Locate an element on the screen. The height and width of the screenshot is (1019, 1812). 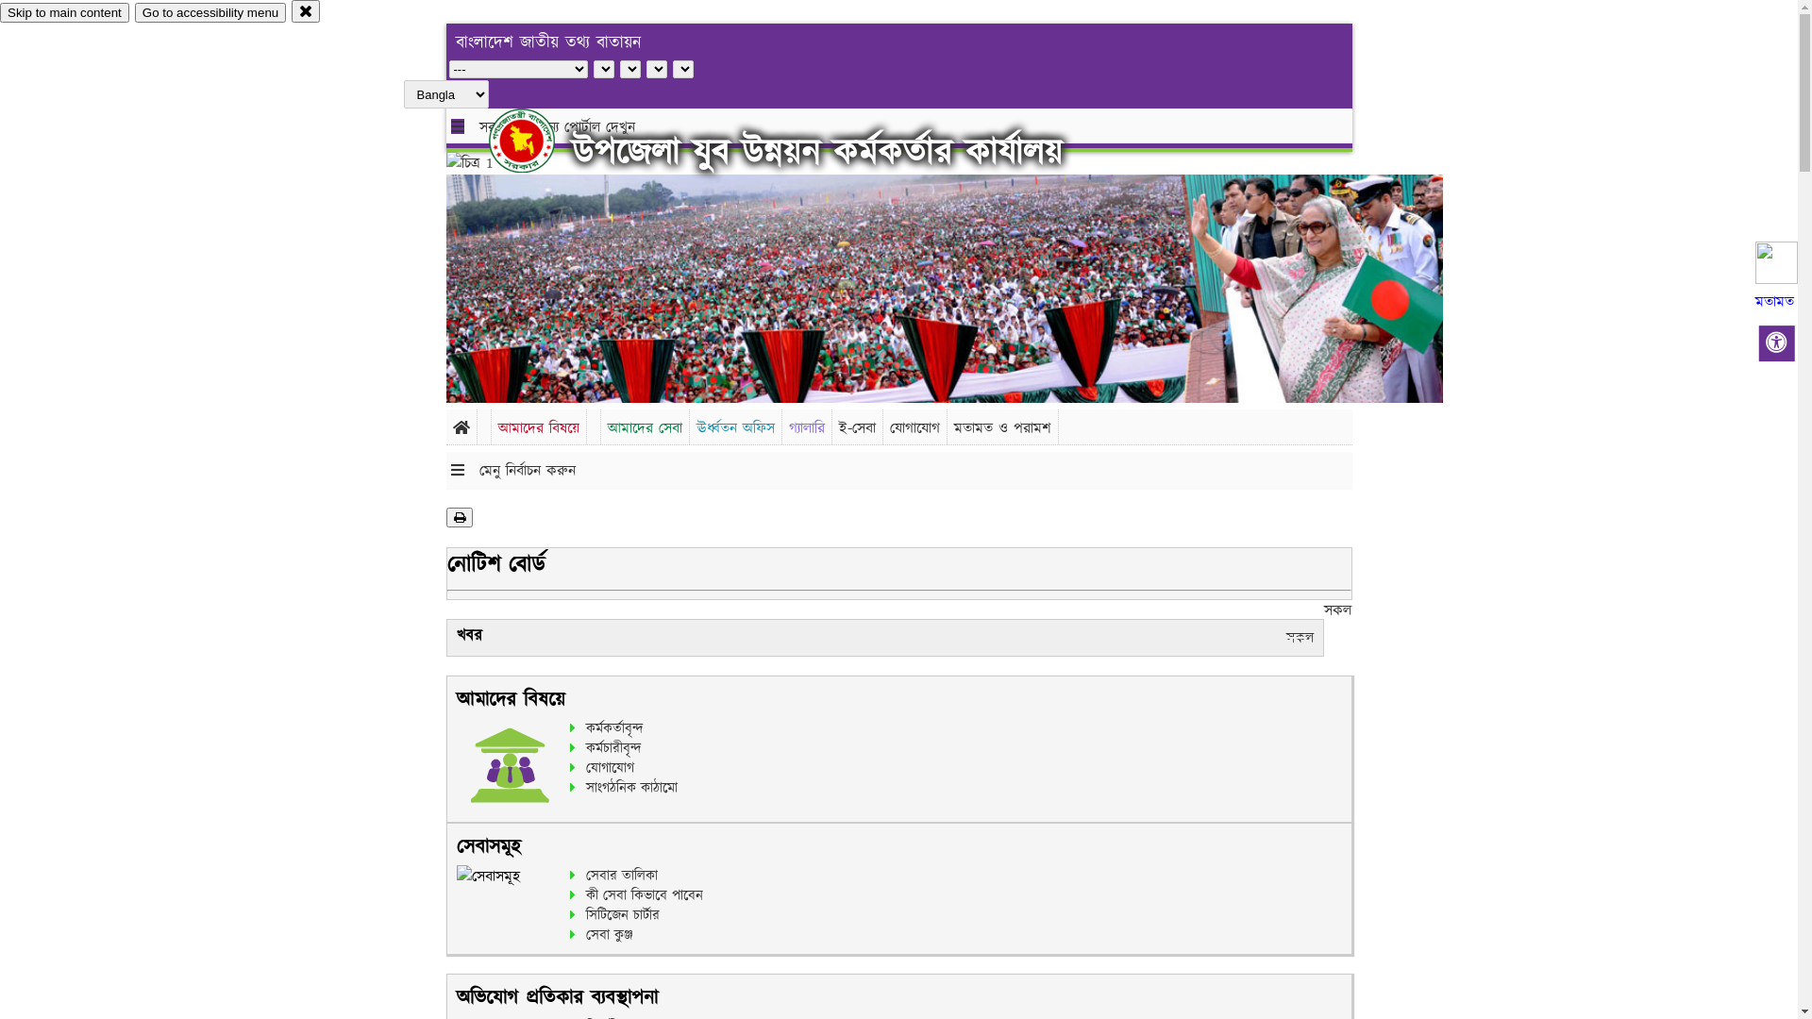
'close' is located at coordinates (290, 10).